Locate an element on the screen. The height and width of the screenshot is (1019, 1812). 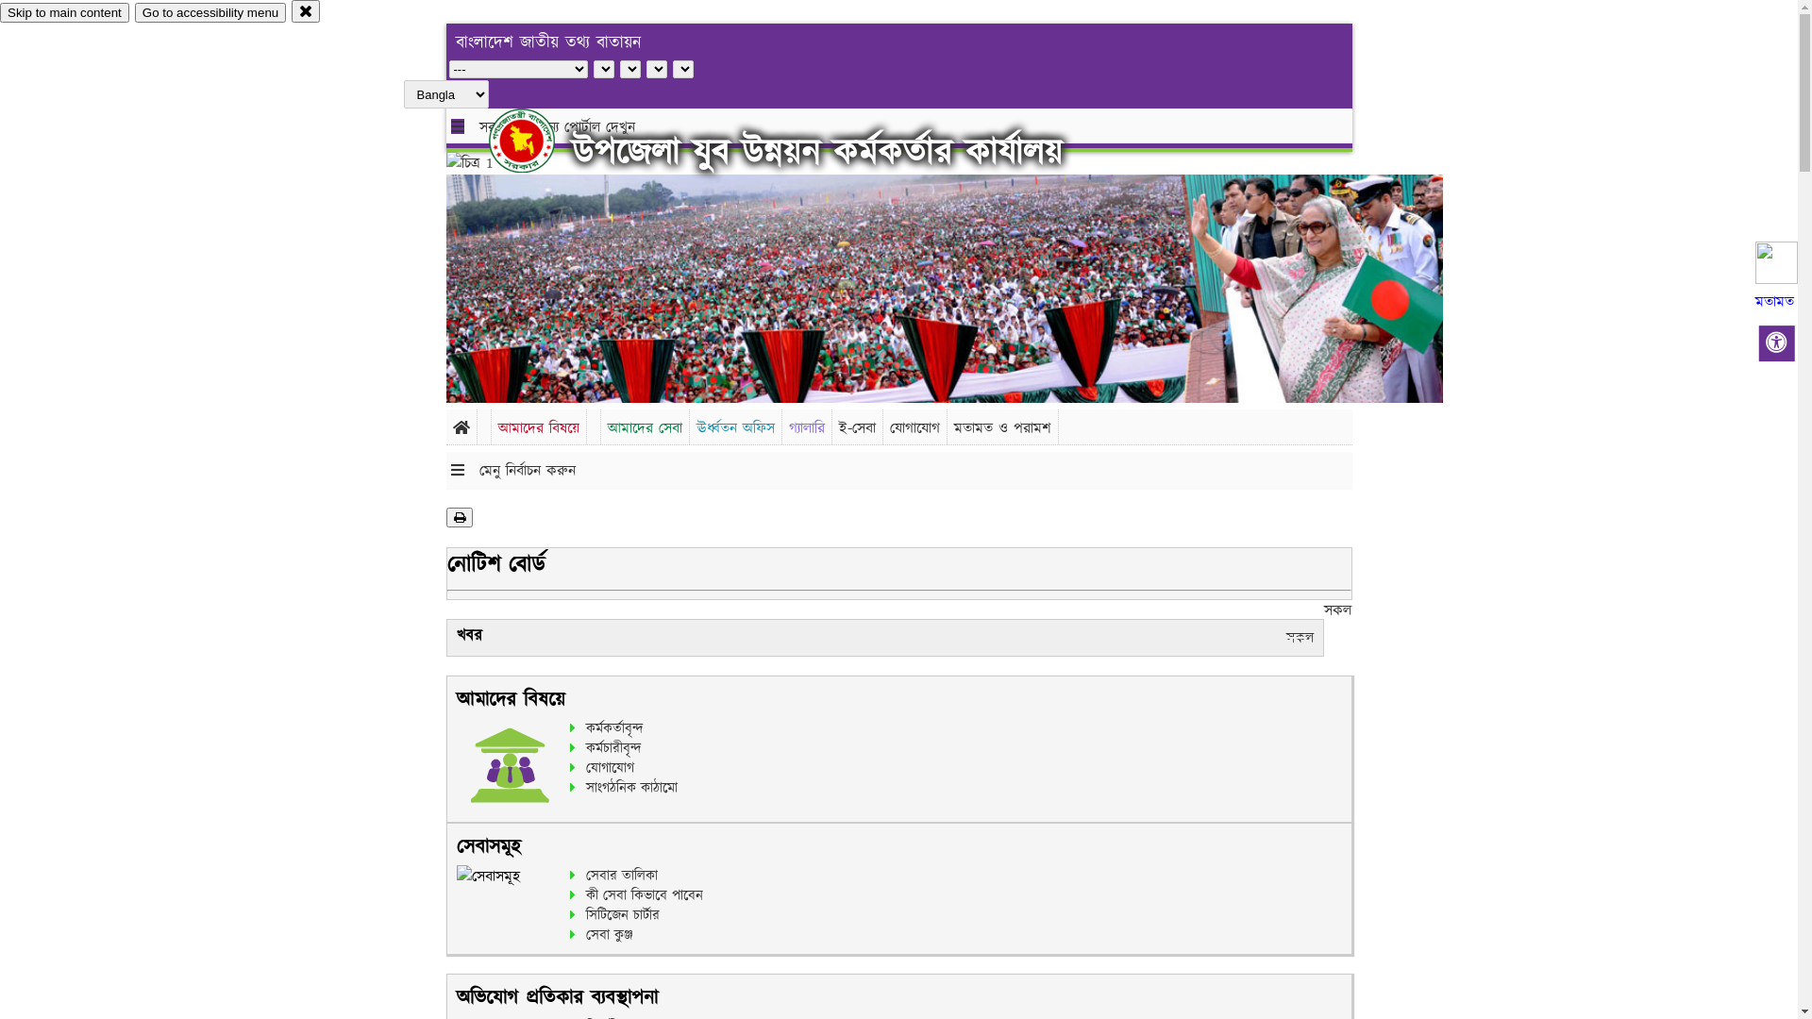
'close' is located at coordinates (290, 10).